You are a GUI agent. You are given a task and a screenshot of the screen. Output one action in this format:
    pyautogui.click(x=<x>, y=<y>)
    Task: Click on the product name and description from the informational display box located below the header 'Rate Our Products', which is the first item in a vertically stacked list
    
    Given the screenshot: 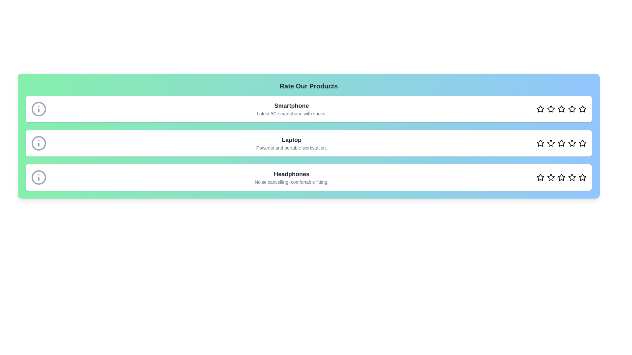 What is the action you would take?
    pyautogui.click(x=291, y=108)
    